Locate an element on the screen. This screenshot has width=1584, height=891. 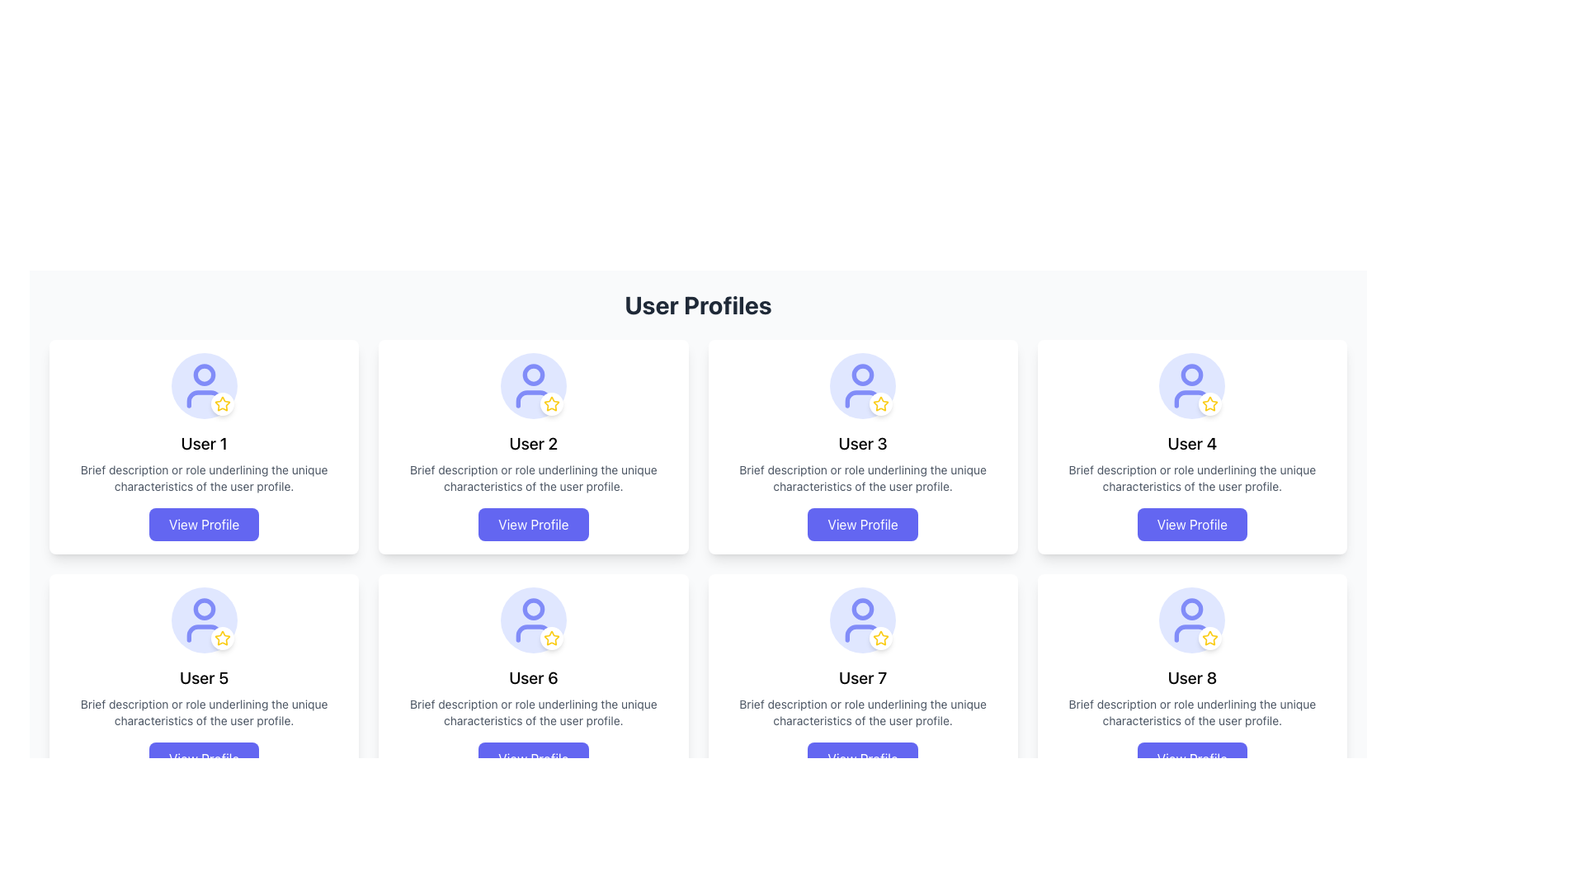
the Text label that provides a descriptive insight into the User 3 profile, located between the 'User 3' title and the 'View Profile' button is located at coordinates (862, 478).